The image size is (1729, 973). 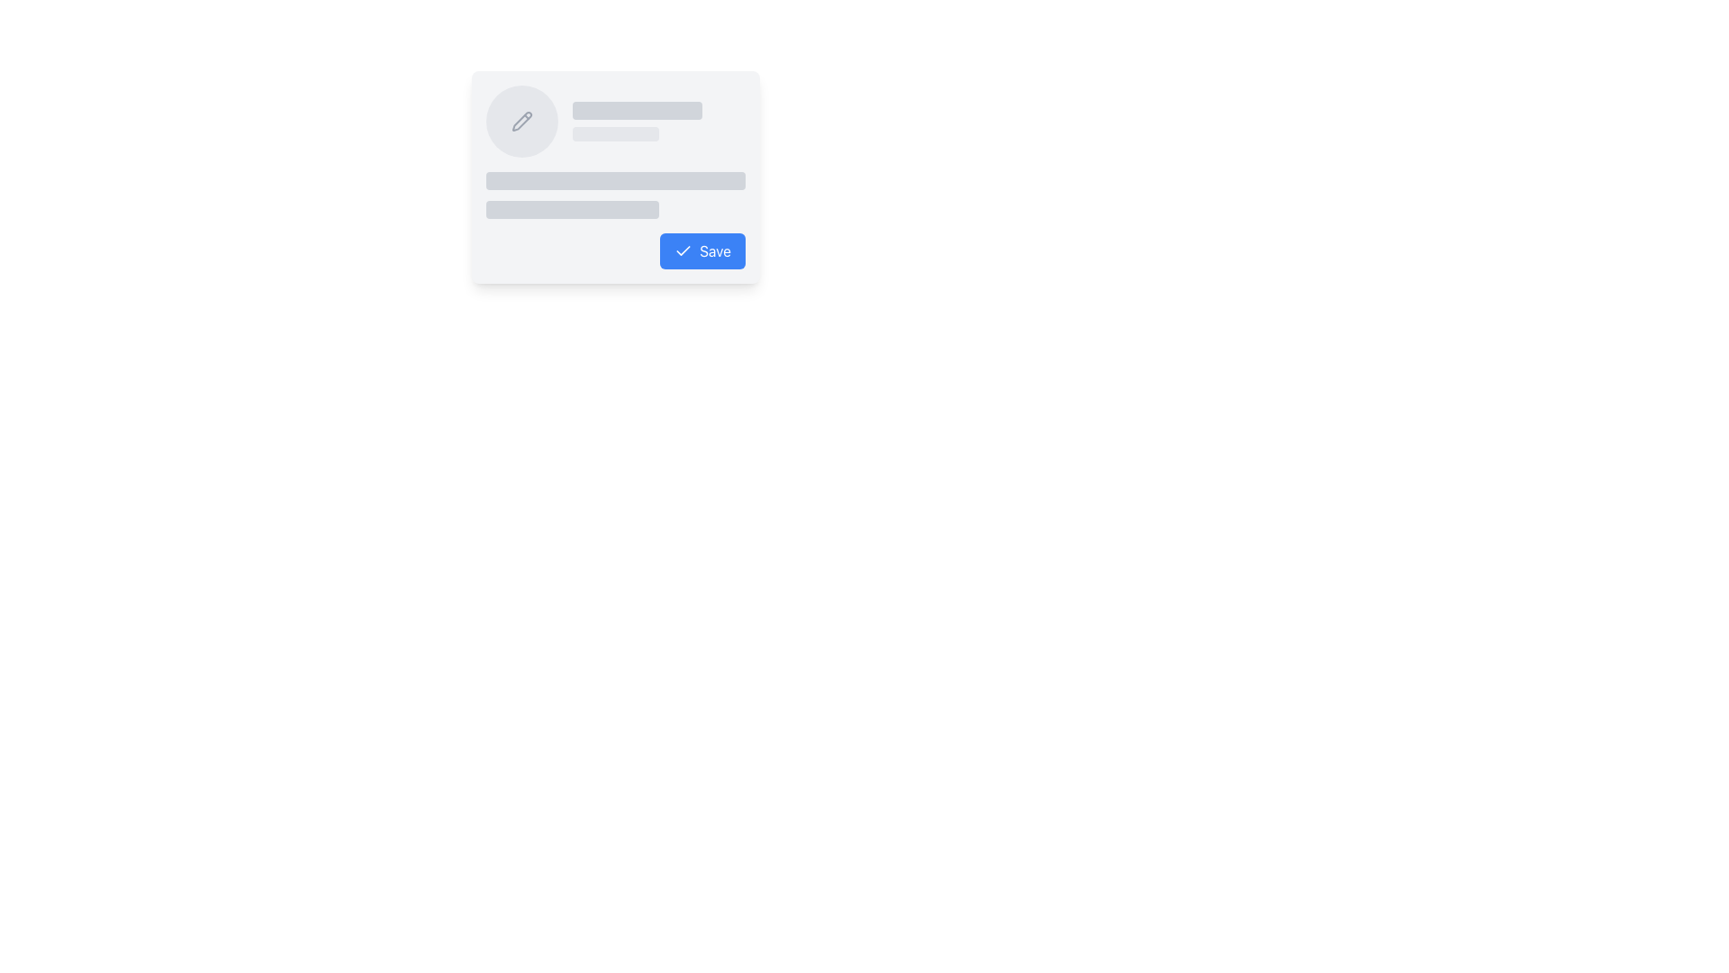 What do you see at coordinates (521, 122) in the screenshot?
I see `the gray pencil icon representing an edit action, located in the top-left corner of a card-like structure` at bounding box center [521, 122].